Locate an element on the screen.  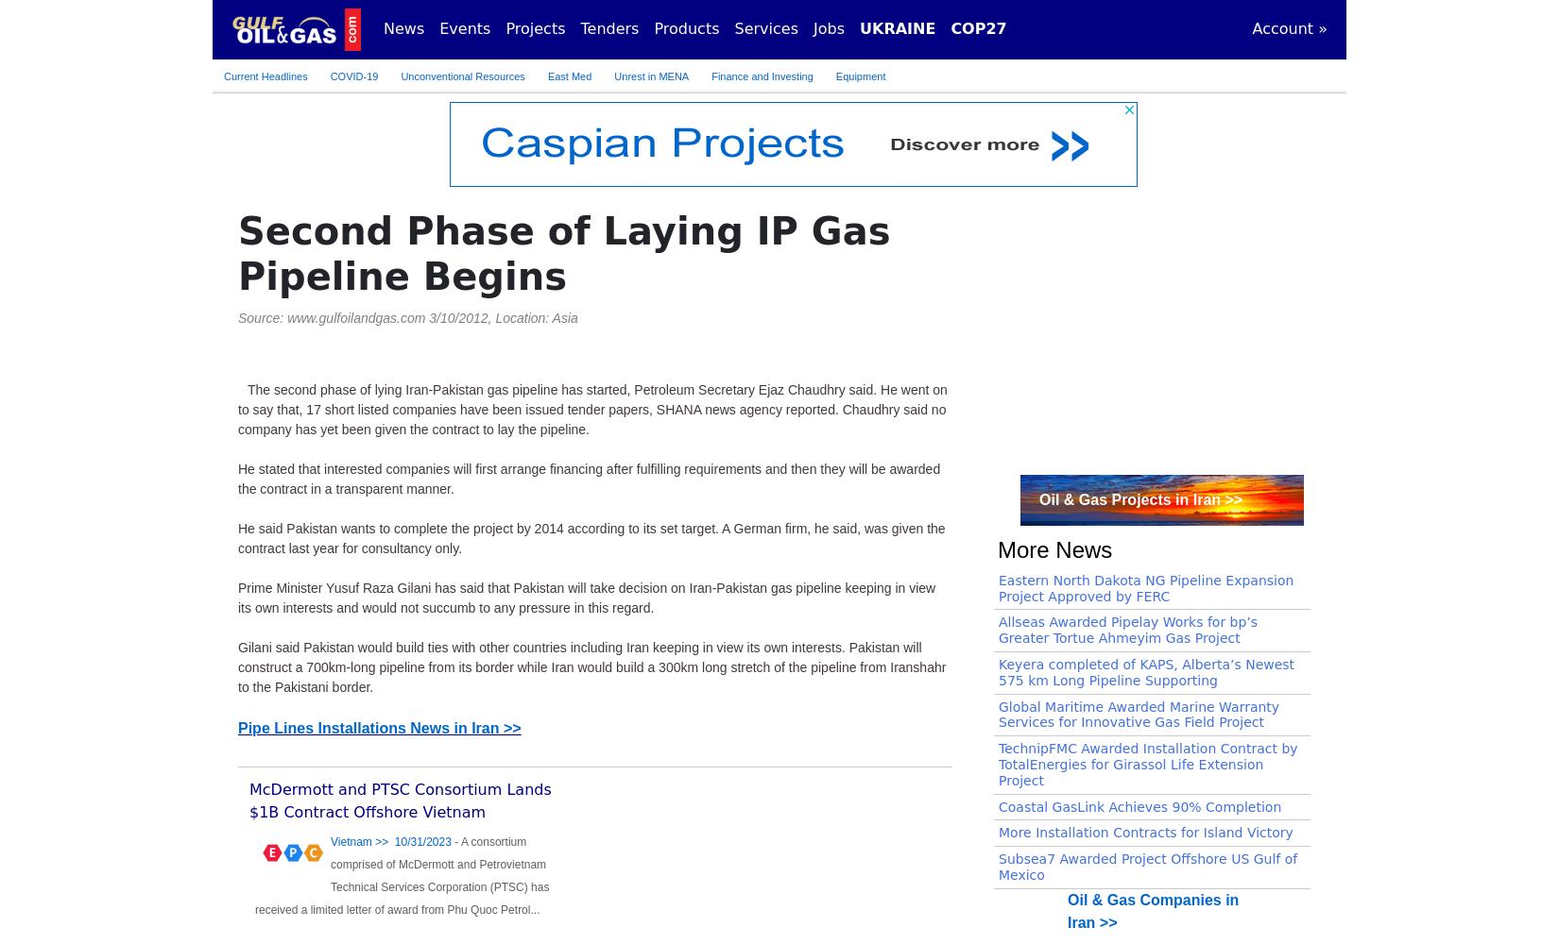
'UKRAINE' is located at coordinates (898, 28).